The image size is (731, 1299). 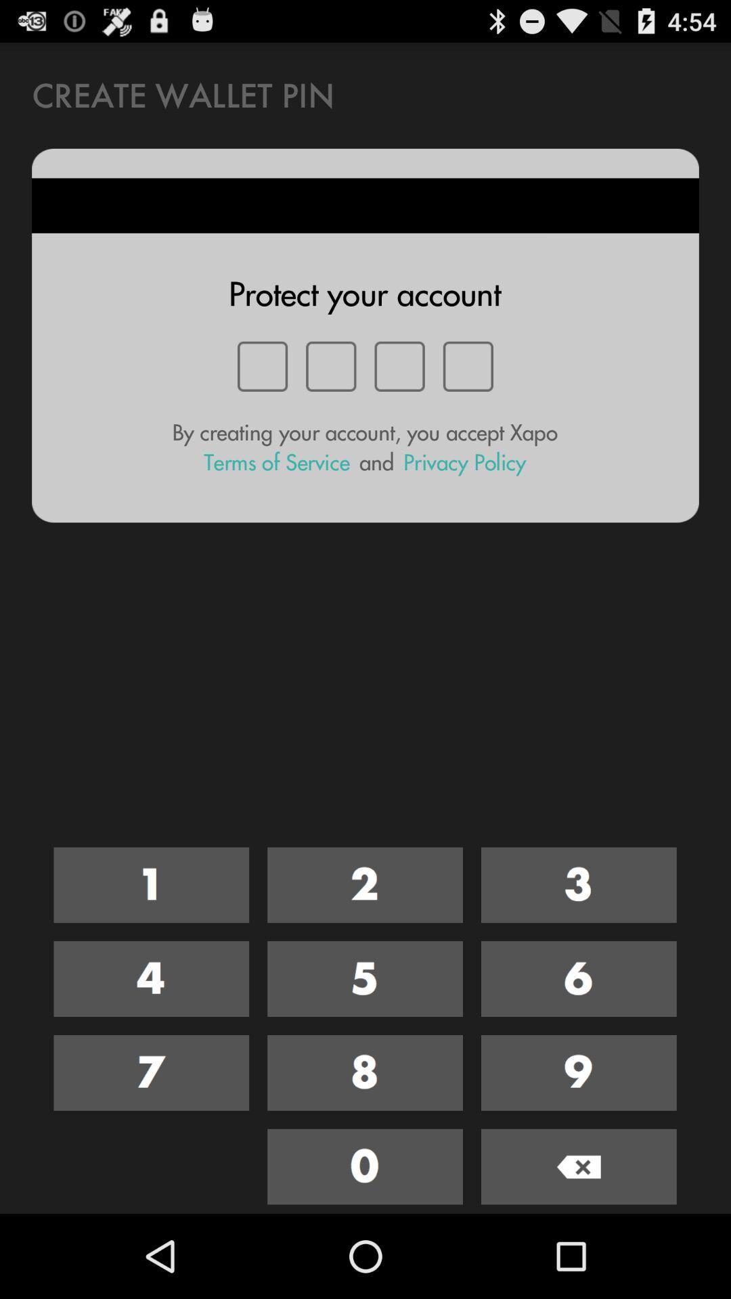 I want to click on icon below the by creating your item, so click(x=464, y=462).